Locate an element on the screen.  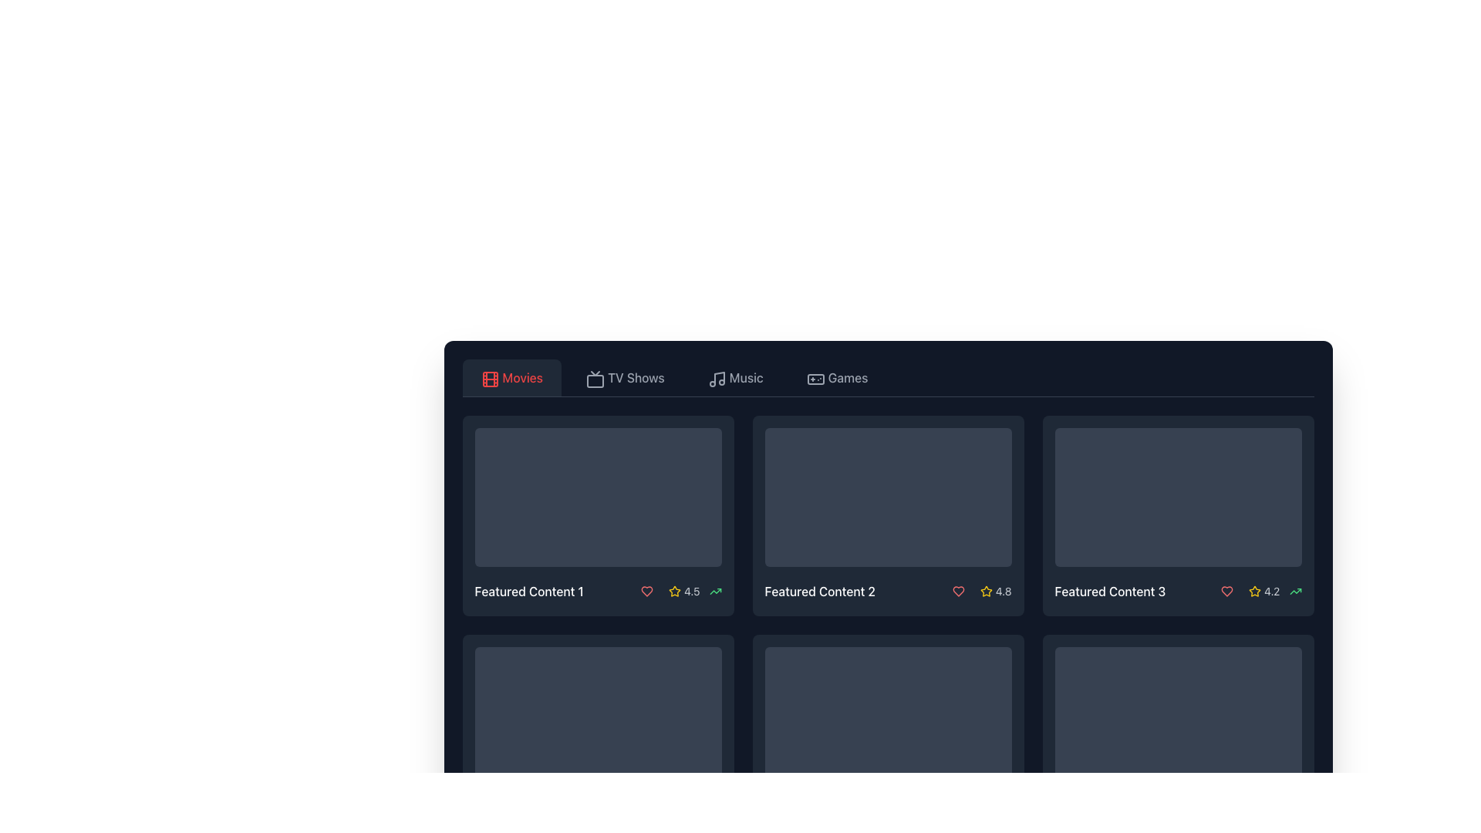
the 'trending up' icon located at the bottom section of the 'Featured Content 1' card, which visually indicates a positive movement in a related metric is located at coordinates (714, 591).